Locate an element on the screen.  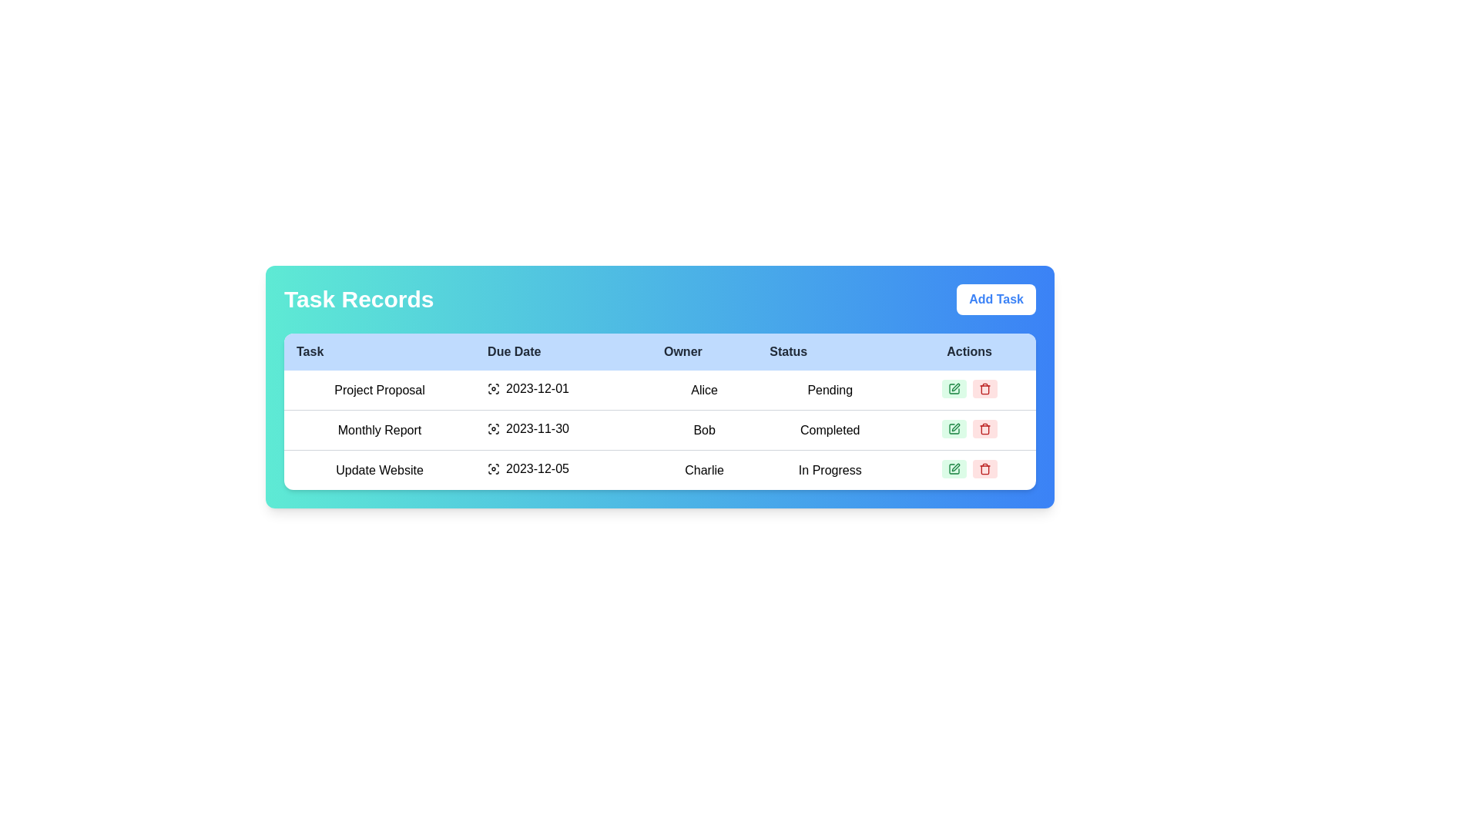
the red trash can icon button in the 'Actions' column of the second row in the 'Task Records' section is located at coordinates (984, 388).